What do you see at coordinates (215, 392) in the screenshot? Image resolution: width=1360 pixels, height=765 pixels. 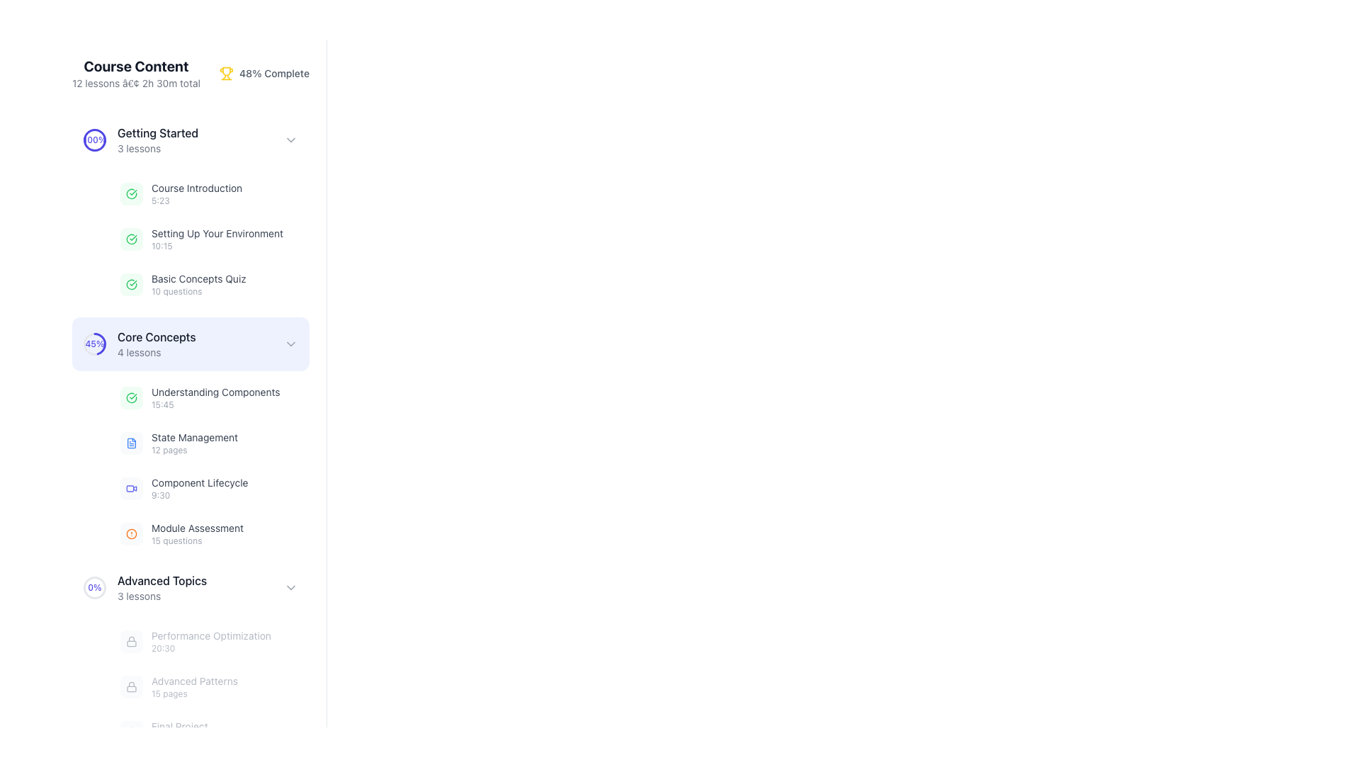 I see `the static text label displaying 'Understanding Components' which is located above the text '15:45' in the 'Core Concepts' section` at bounding box center [215, 392].